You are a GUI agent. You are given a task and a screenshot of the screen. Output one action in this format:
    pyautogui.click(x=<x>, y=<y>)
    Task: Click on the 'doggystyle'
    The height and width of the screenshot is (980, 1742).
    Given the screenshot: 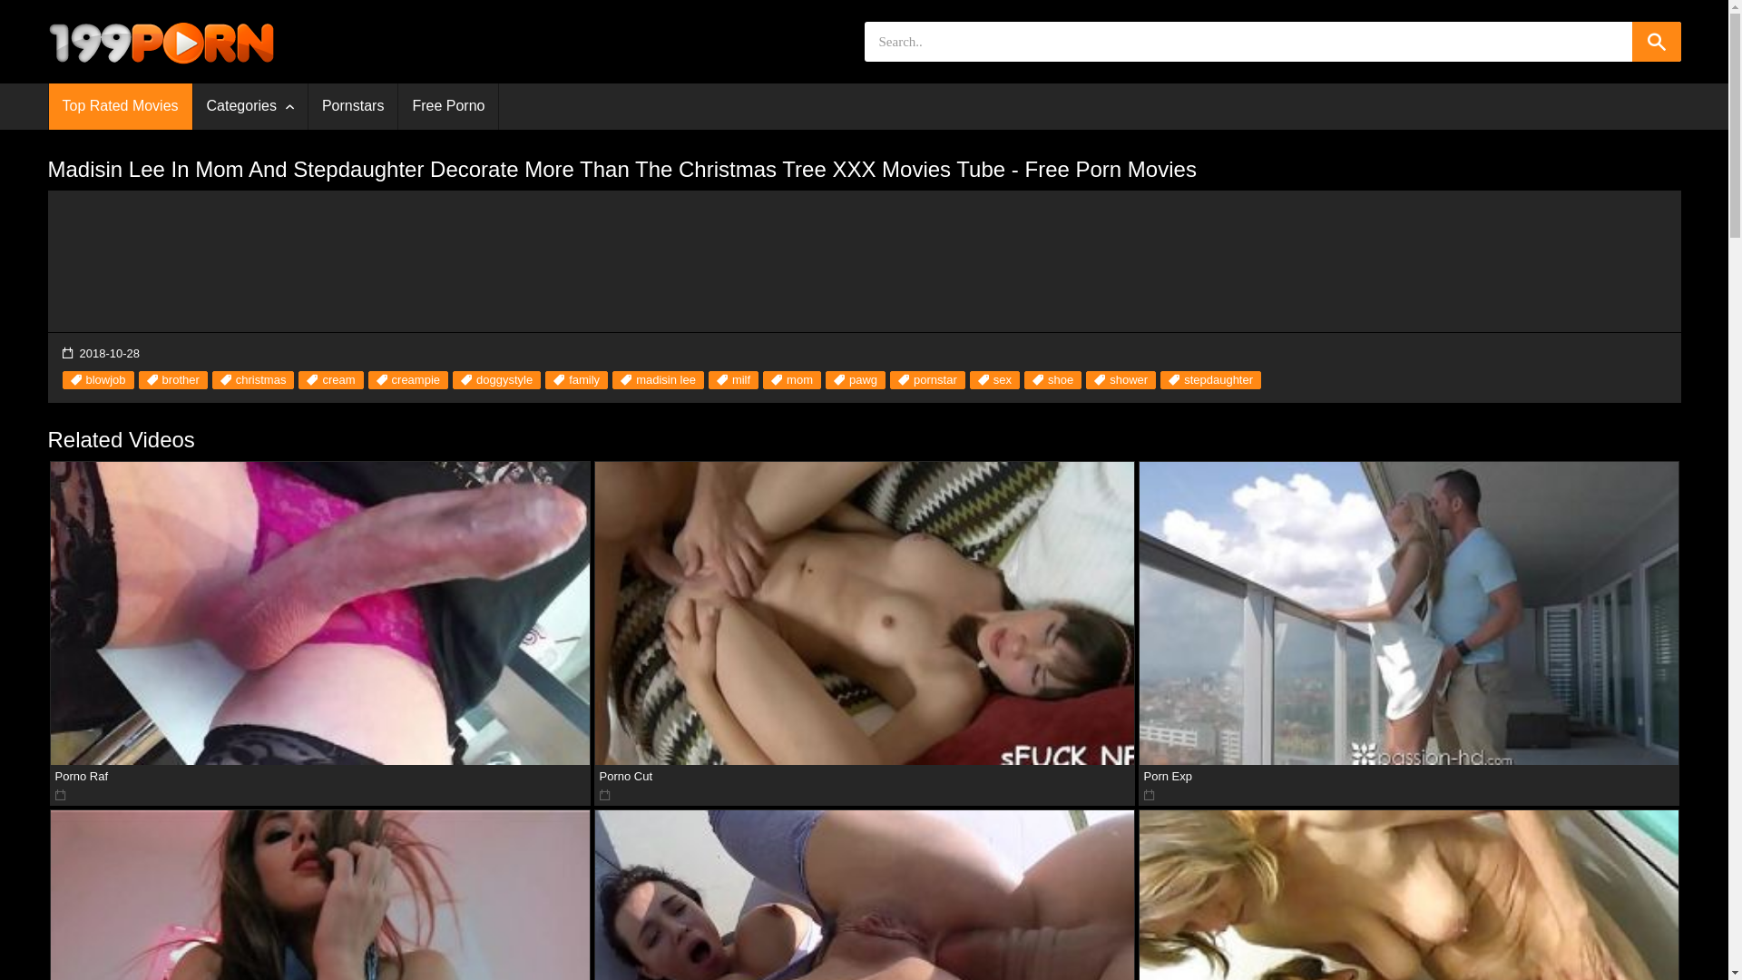 What is the action you would take?
    pyautogui.click(x=496, y=379)
    